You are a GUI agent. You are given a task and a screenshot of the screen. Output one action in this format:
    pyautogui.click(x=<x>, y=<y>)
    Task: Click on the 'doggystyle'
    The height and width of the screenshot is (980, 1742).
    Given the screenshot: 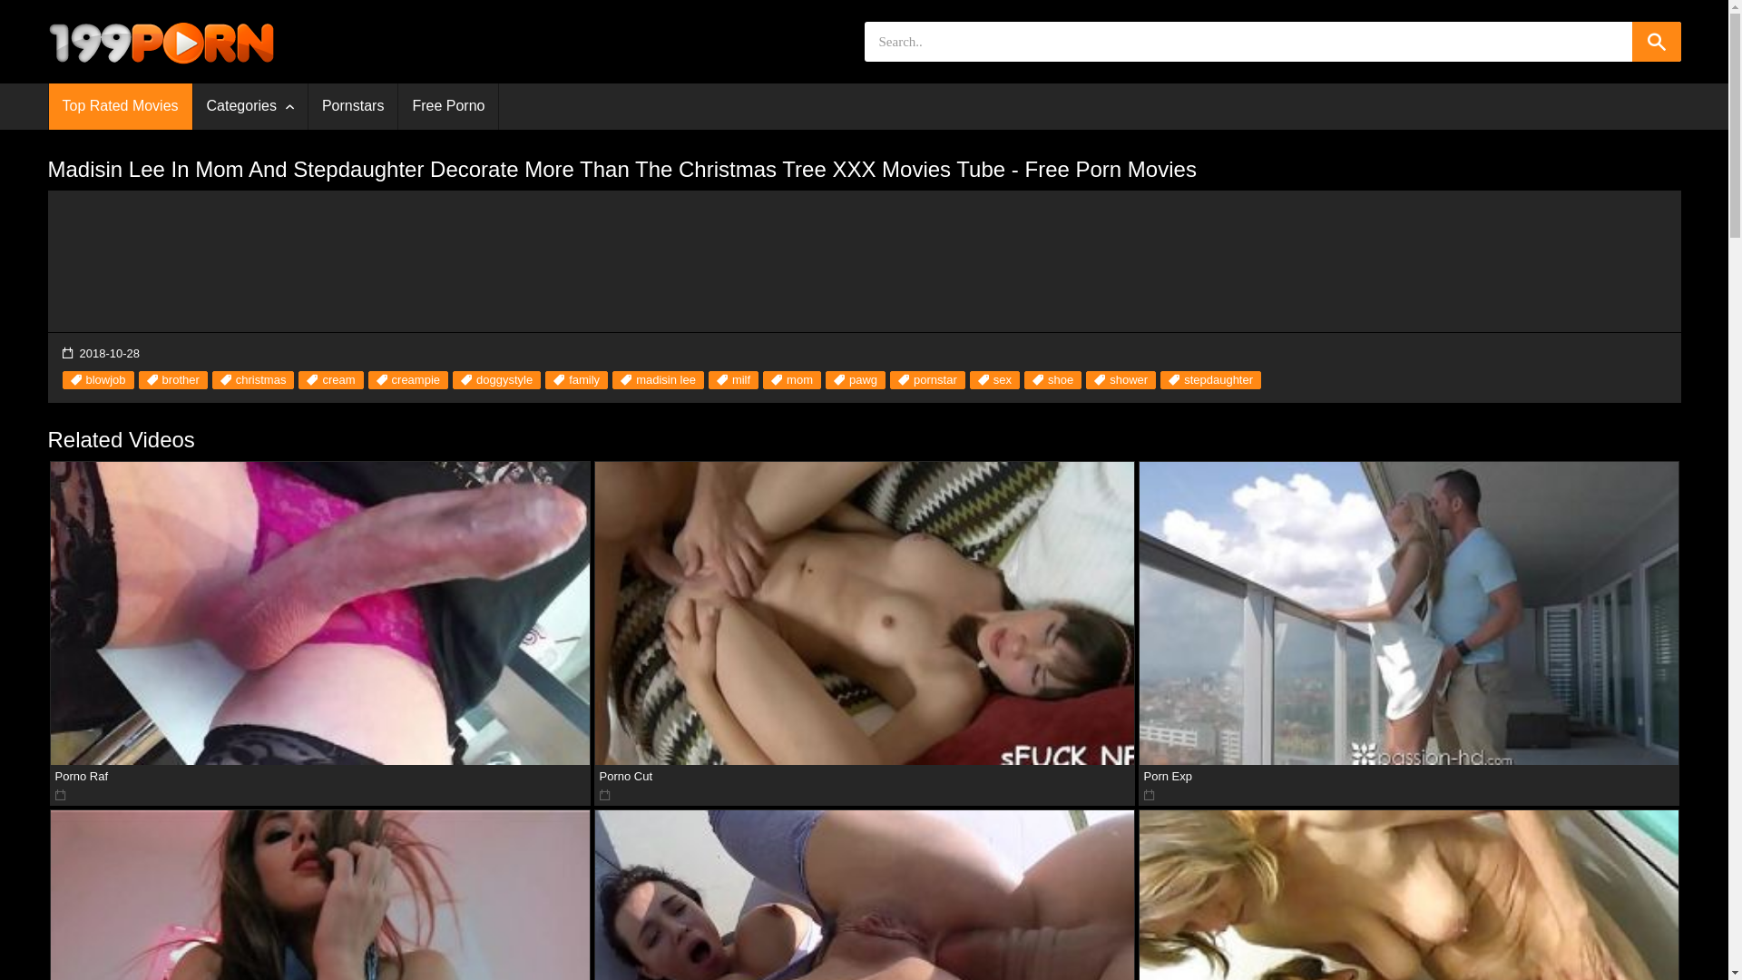 What is the action you would take?
    pyautogui.click(x=496, y=379)
    